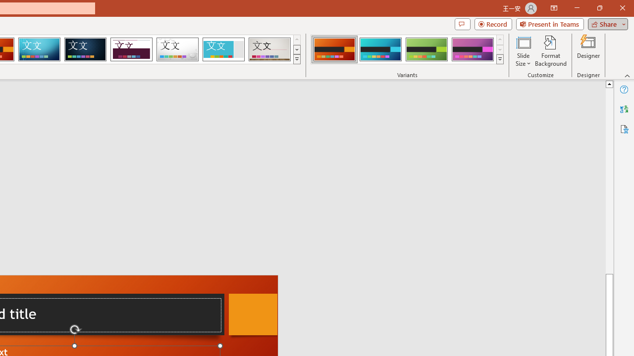  What do you see at coordinates (177, 49) in the screenshot?
I see `'Droplet'` at bounding box center [177, 49].